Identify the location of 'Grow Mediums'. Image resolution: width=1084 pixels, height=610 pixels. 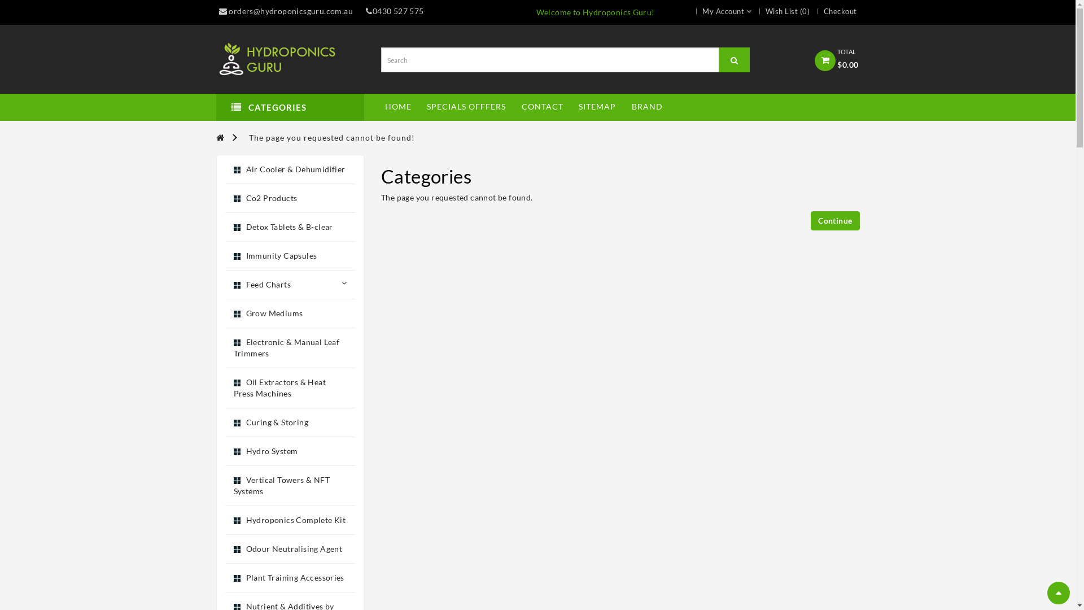
(225, 313).